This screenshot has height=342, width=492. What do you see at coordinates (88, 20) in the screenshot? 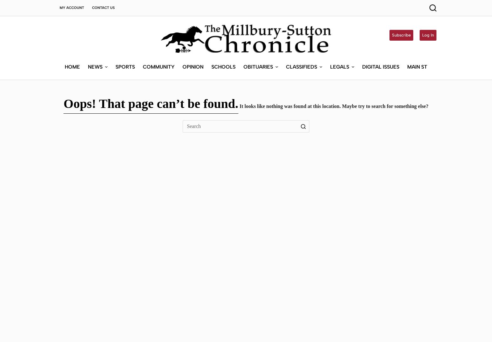
I see `'News'` at bounding box center [88, 20].